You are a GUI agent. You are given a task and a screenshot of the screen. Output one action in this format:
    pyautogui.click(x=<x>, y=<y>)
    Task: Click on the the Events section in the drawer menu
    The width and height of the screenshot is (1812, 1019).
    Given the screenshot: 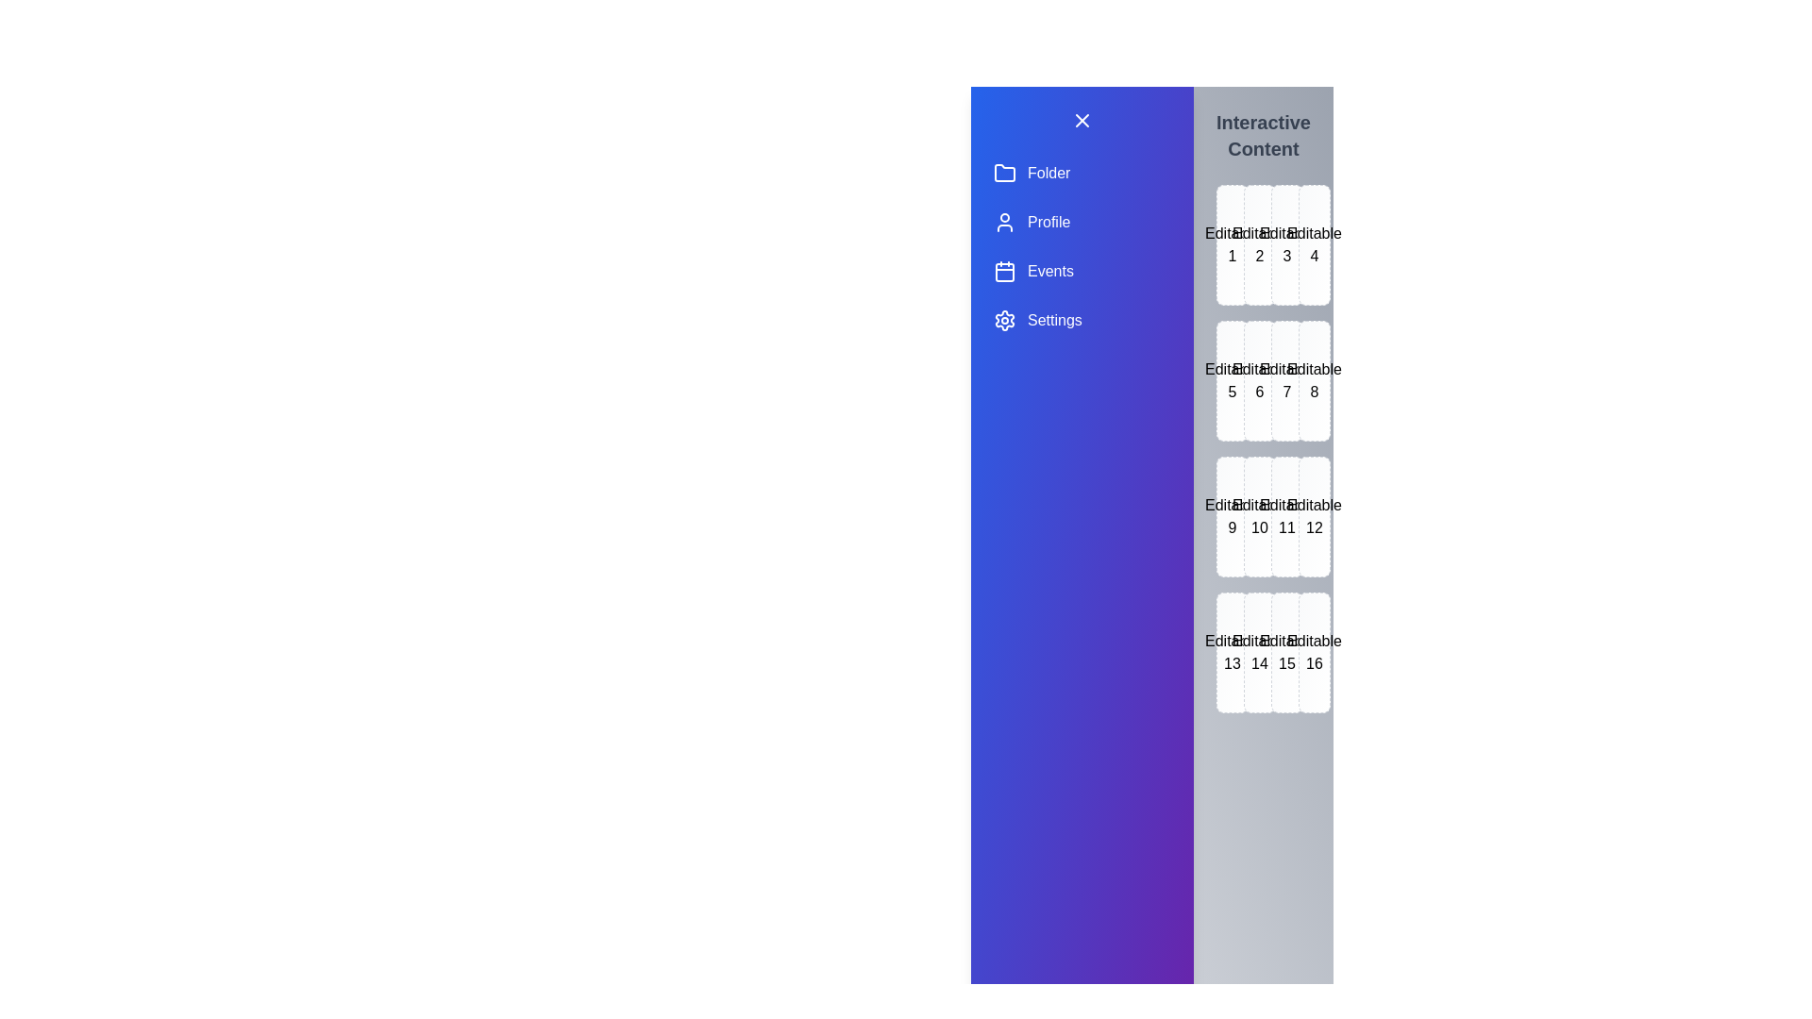 What is the action you would take?
    pyautogui.click(x=1082, y=272)
    